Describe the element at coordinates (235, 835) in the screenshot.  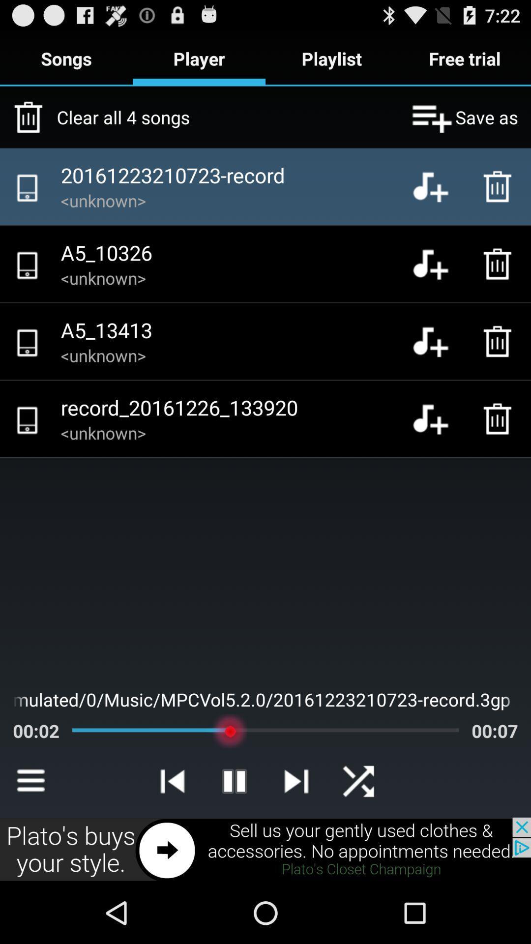
I see `the pause icon` at that location.